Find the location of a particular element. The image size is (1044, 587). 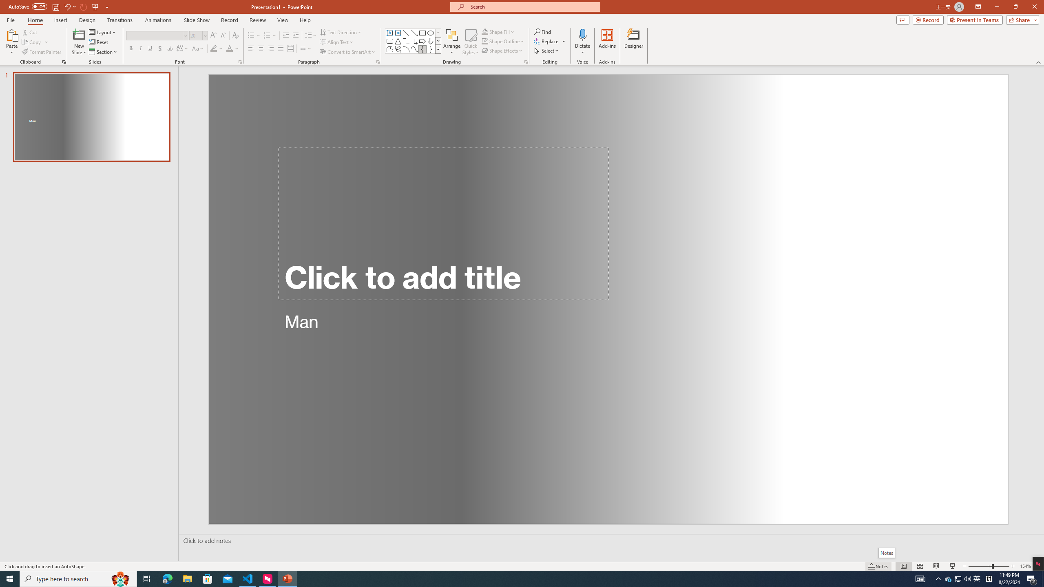

'Clear Formatting' is located at coordinates (235, 35).